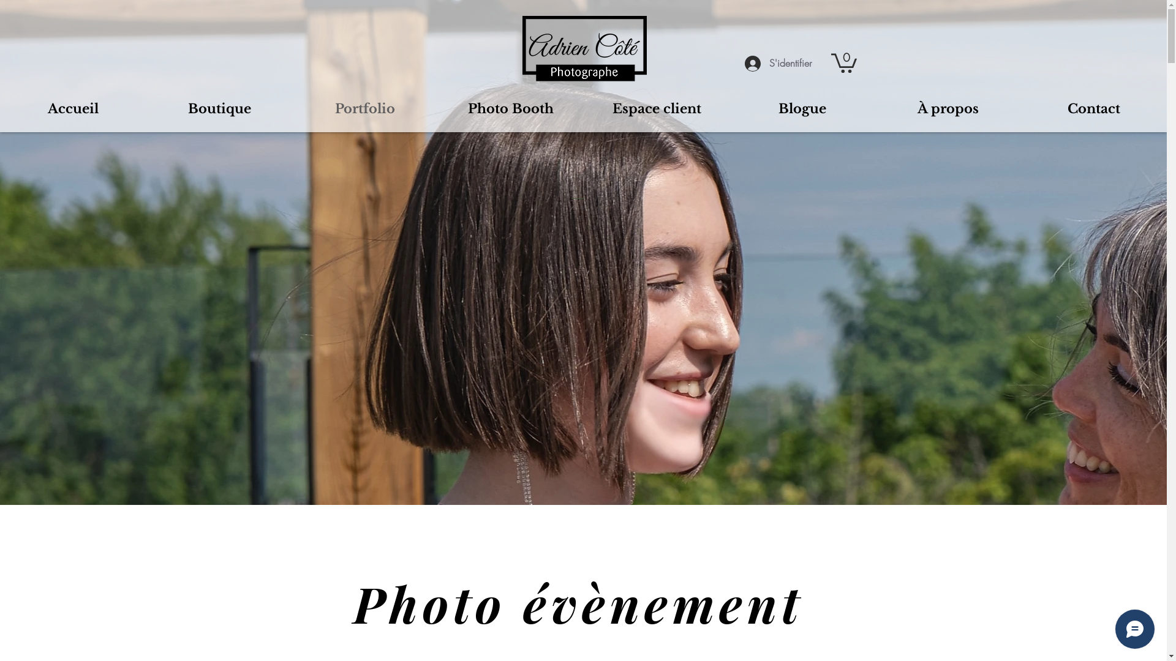 This screenshot has width=1176, height=661. What do you see at coordinates (364, 108) in the screenshot?
I see `'Portfolio'` at bounding box center [364, 108].